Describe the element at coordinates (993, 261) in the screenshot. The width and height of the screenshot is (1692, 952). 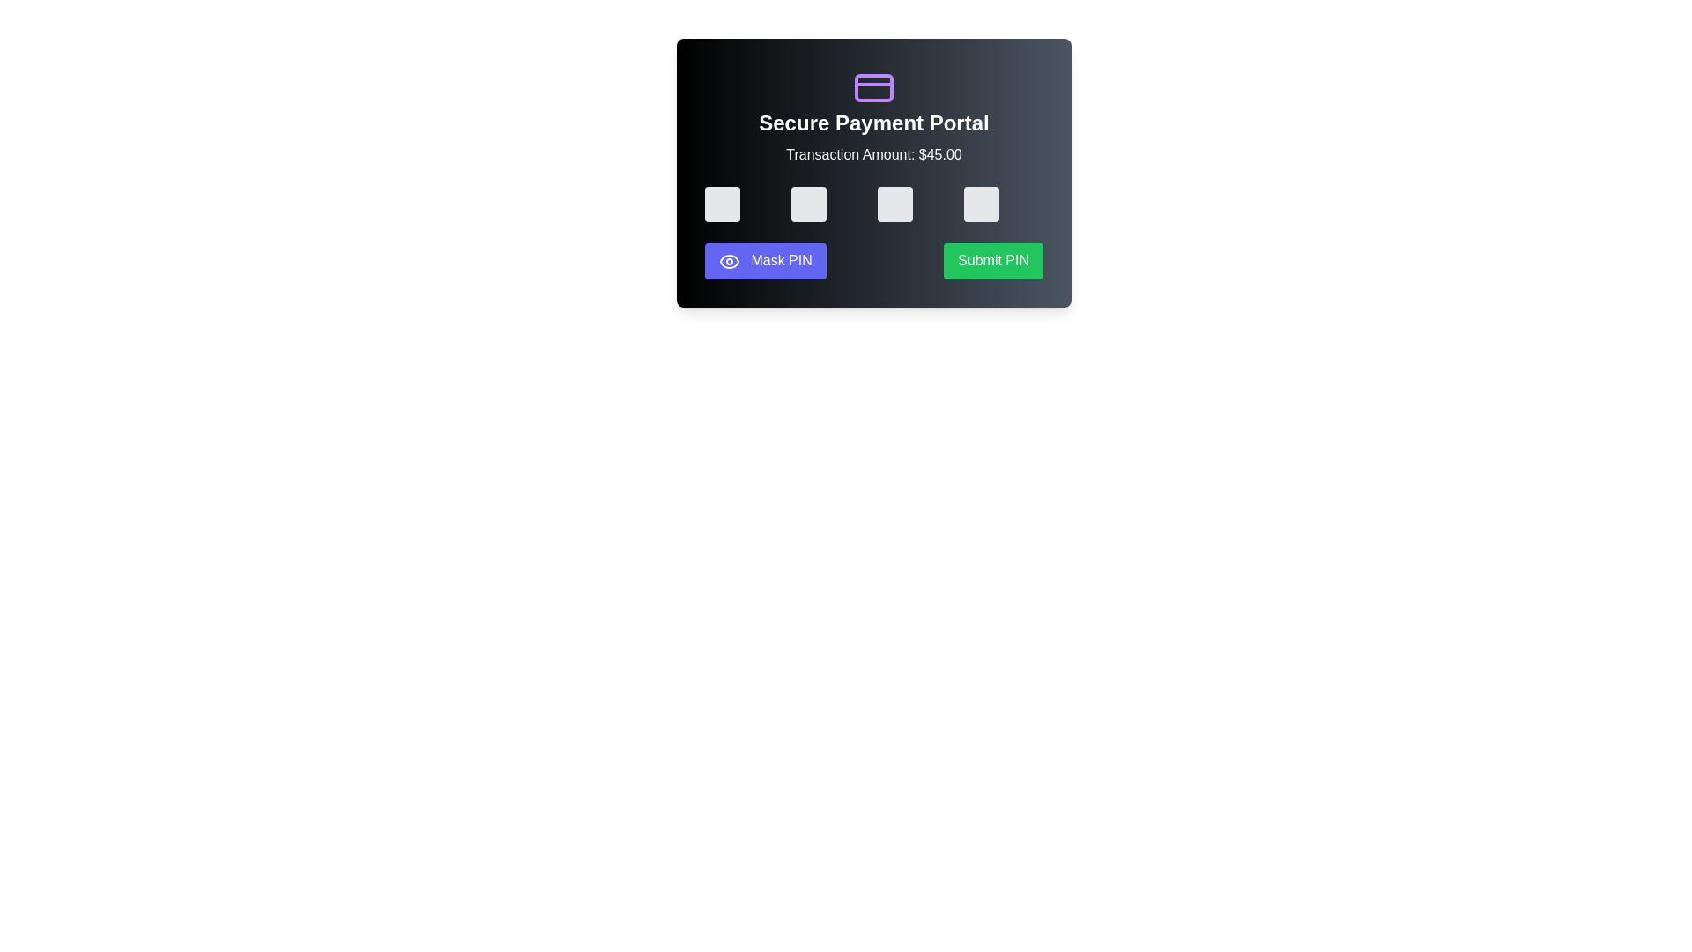
I see `the button located at the far right of the horizontal layout` at that location.